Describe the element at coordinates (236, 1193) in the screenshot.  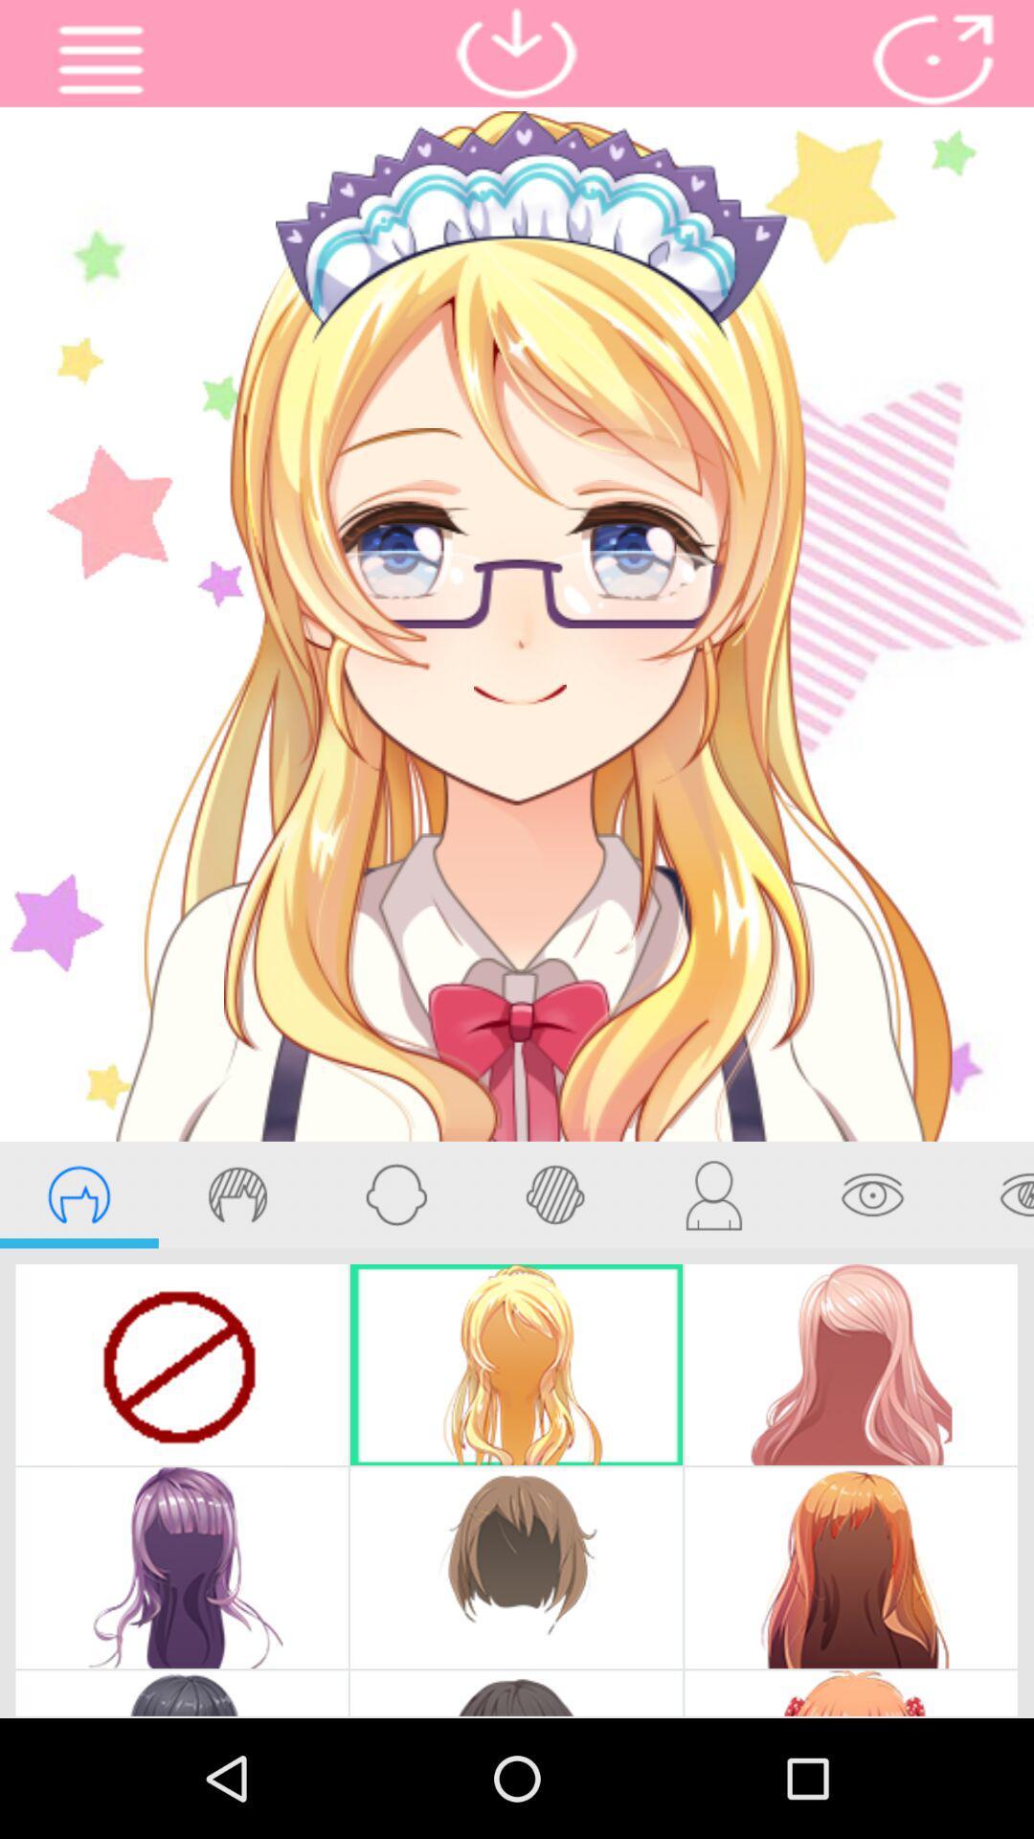
I see `hair colour` at that location.